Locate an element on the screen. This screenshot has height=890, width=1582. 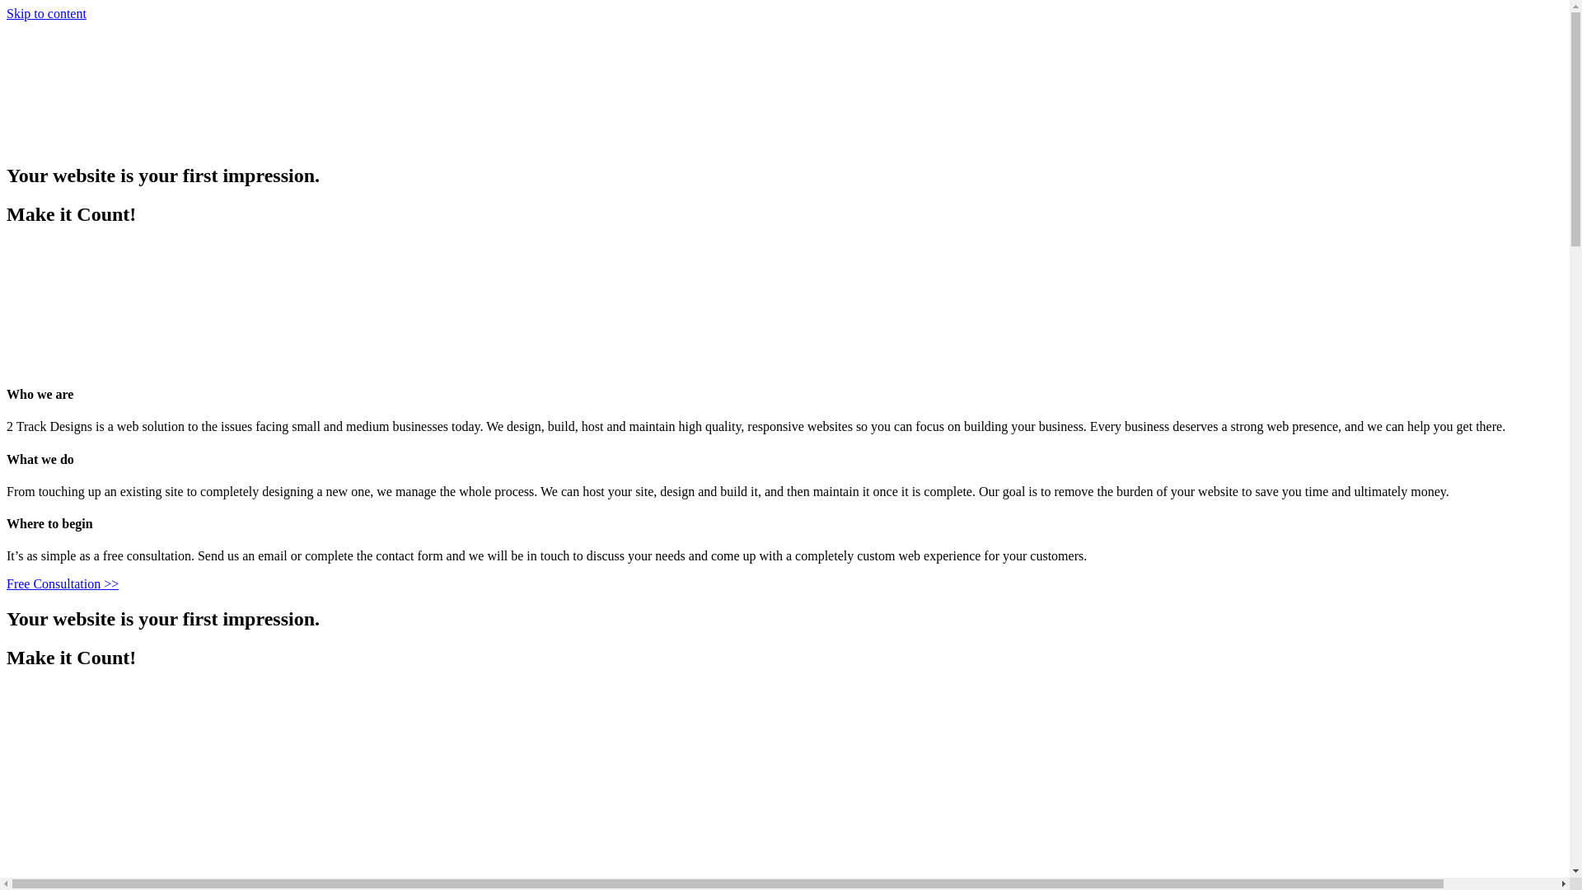
'Free Consultation >>' is located at coordinates (63, 583).